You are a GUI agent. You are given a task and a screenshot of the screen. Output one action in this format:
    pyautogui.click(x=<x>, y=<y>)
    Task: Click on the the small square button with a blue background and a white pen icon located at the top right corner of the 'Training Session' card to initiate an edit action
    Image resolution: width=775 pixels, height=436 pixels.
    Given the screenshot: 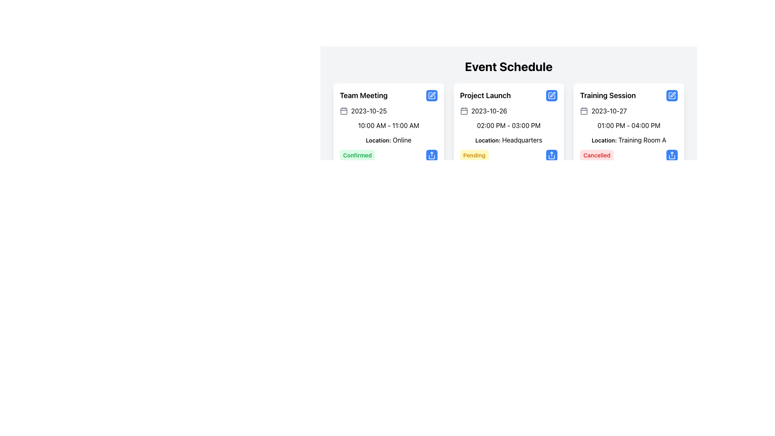 What is the action you would take?
    pyautogui.click(x=672, y=95)
    